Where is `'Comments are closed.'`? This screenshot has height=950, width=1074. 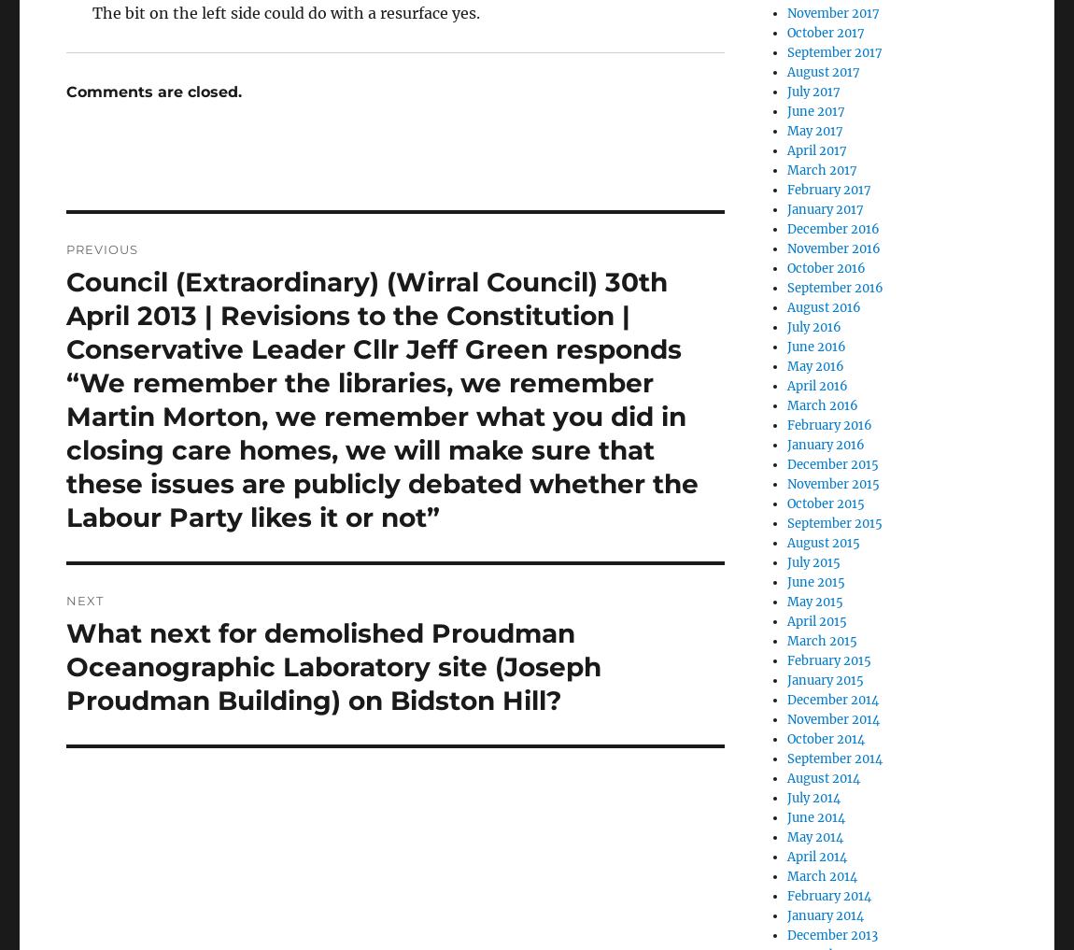
'Comments are closed.' is located at coordinates (153, 92).